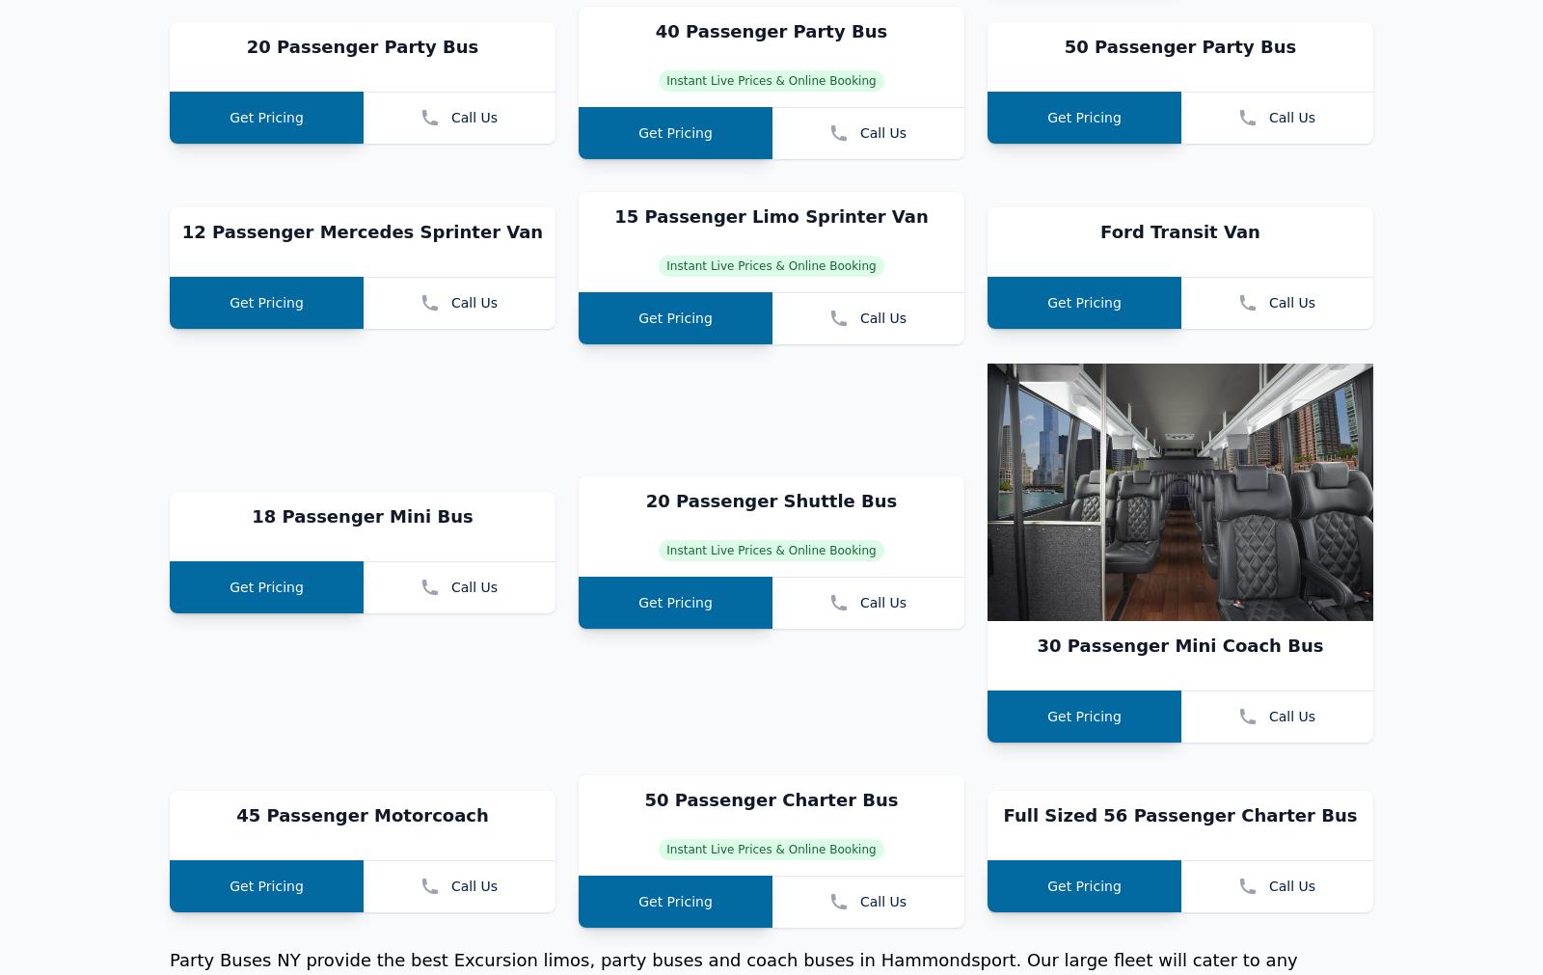  I want to click on 'Lincoln MKT Limo', so click(362, 17).